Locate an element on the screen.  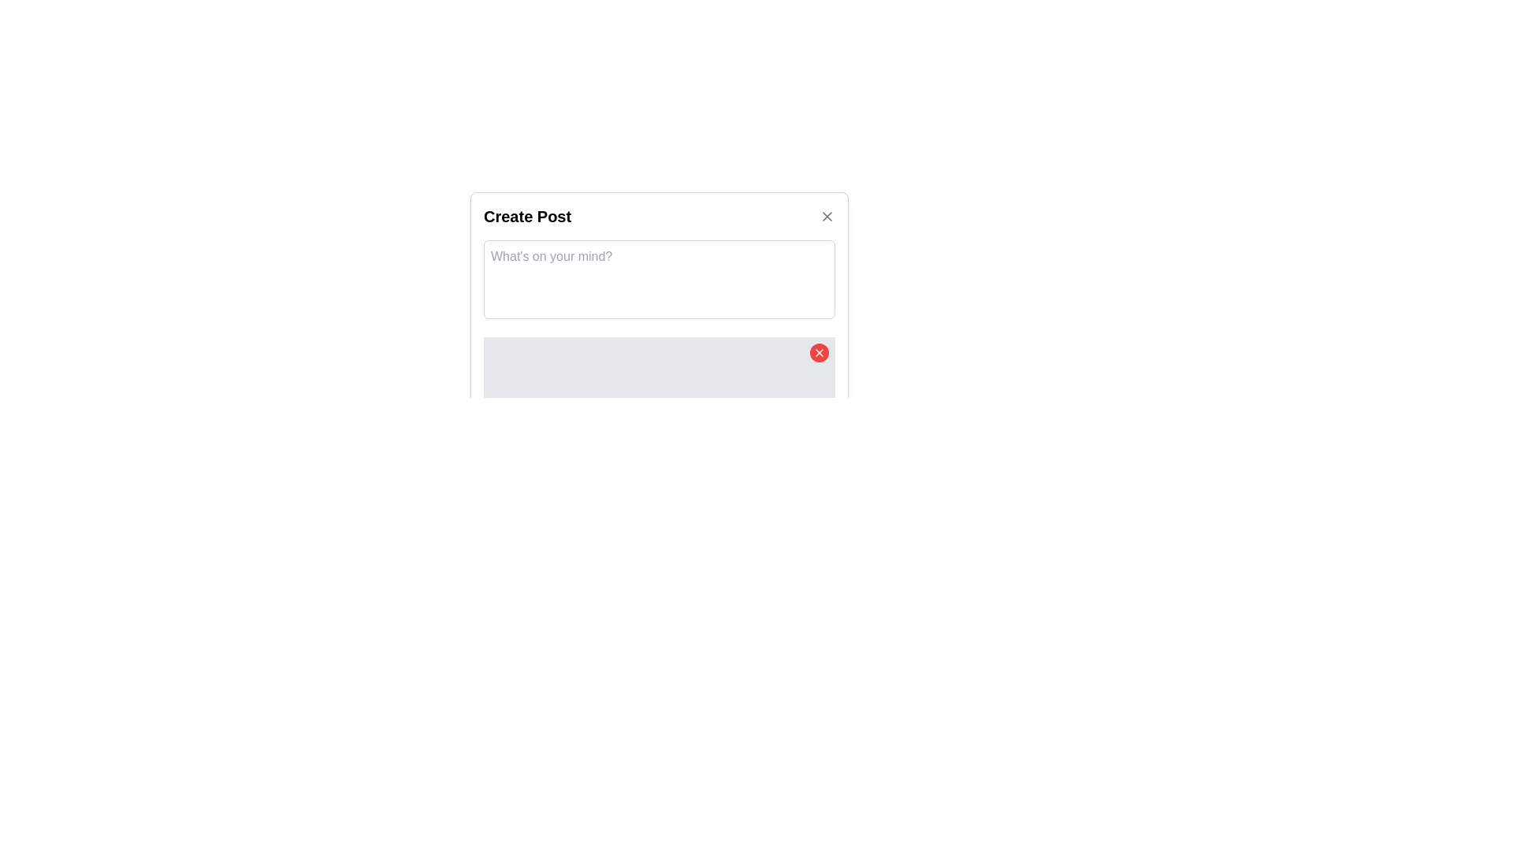
the button located in the bottom-right corner of the gray rectangular section below the 'What's on your mind?' text box is located at coordinates (820, 351).